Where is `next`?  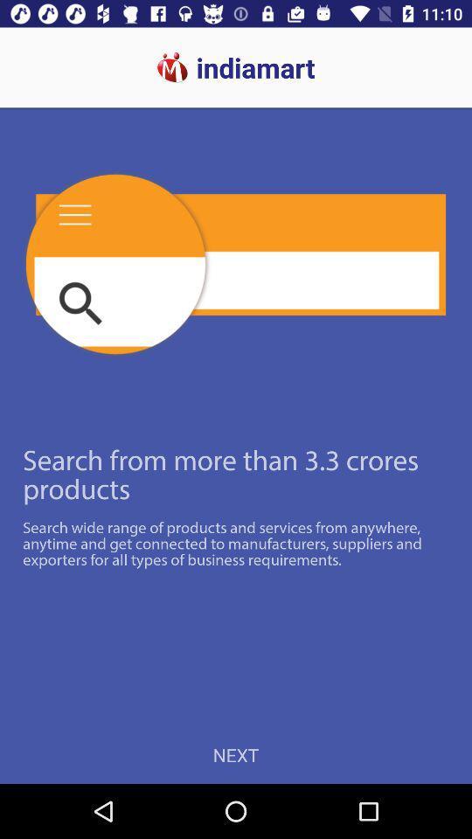
next is located at coordinates (236, 754).